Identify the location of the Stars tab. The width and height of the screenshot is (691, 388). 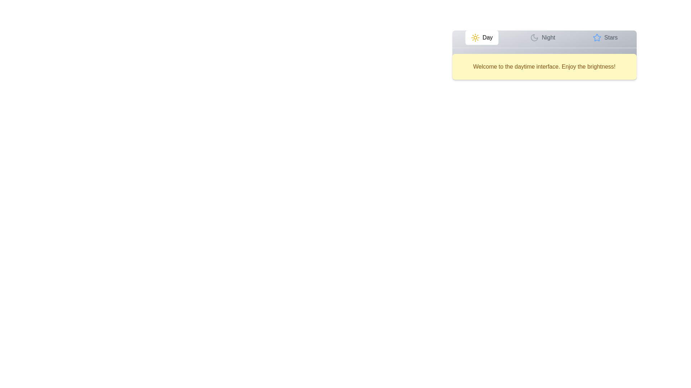
(605, 37).